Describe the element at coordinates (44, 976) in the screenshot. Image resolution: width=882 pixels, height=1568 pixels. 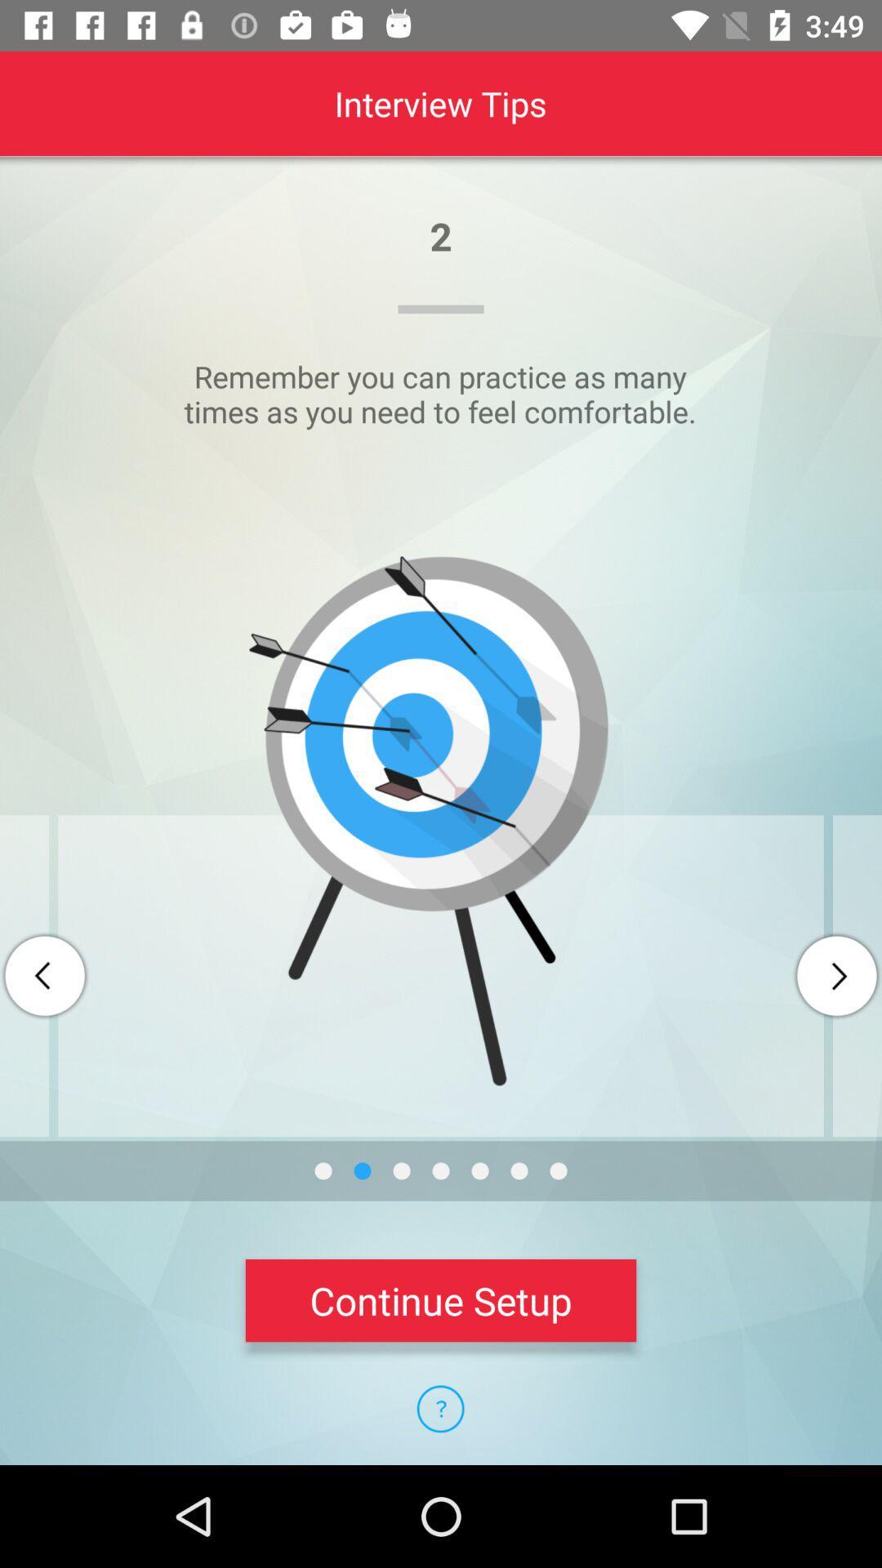
I see `go back` at that location.